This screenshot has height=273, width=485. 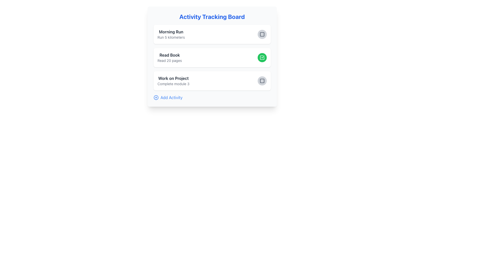 I want to click on the static text element that reads 'Run 5 kilometers', which is styled in gray and located directly below the bold title 'Morning Run', so click(x=171, y=37).